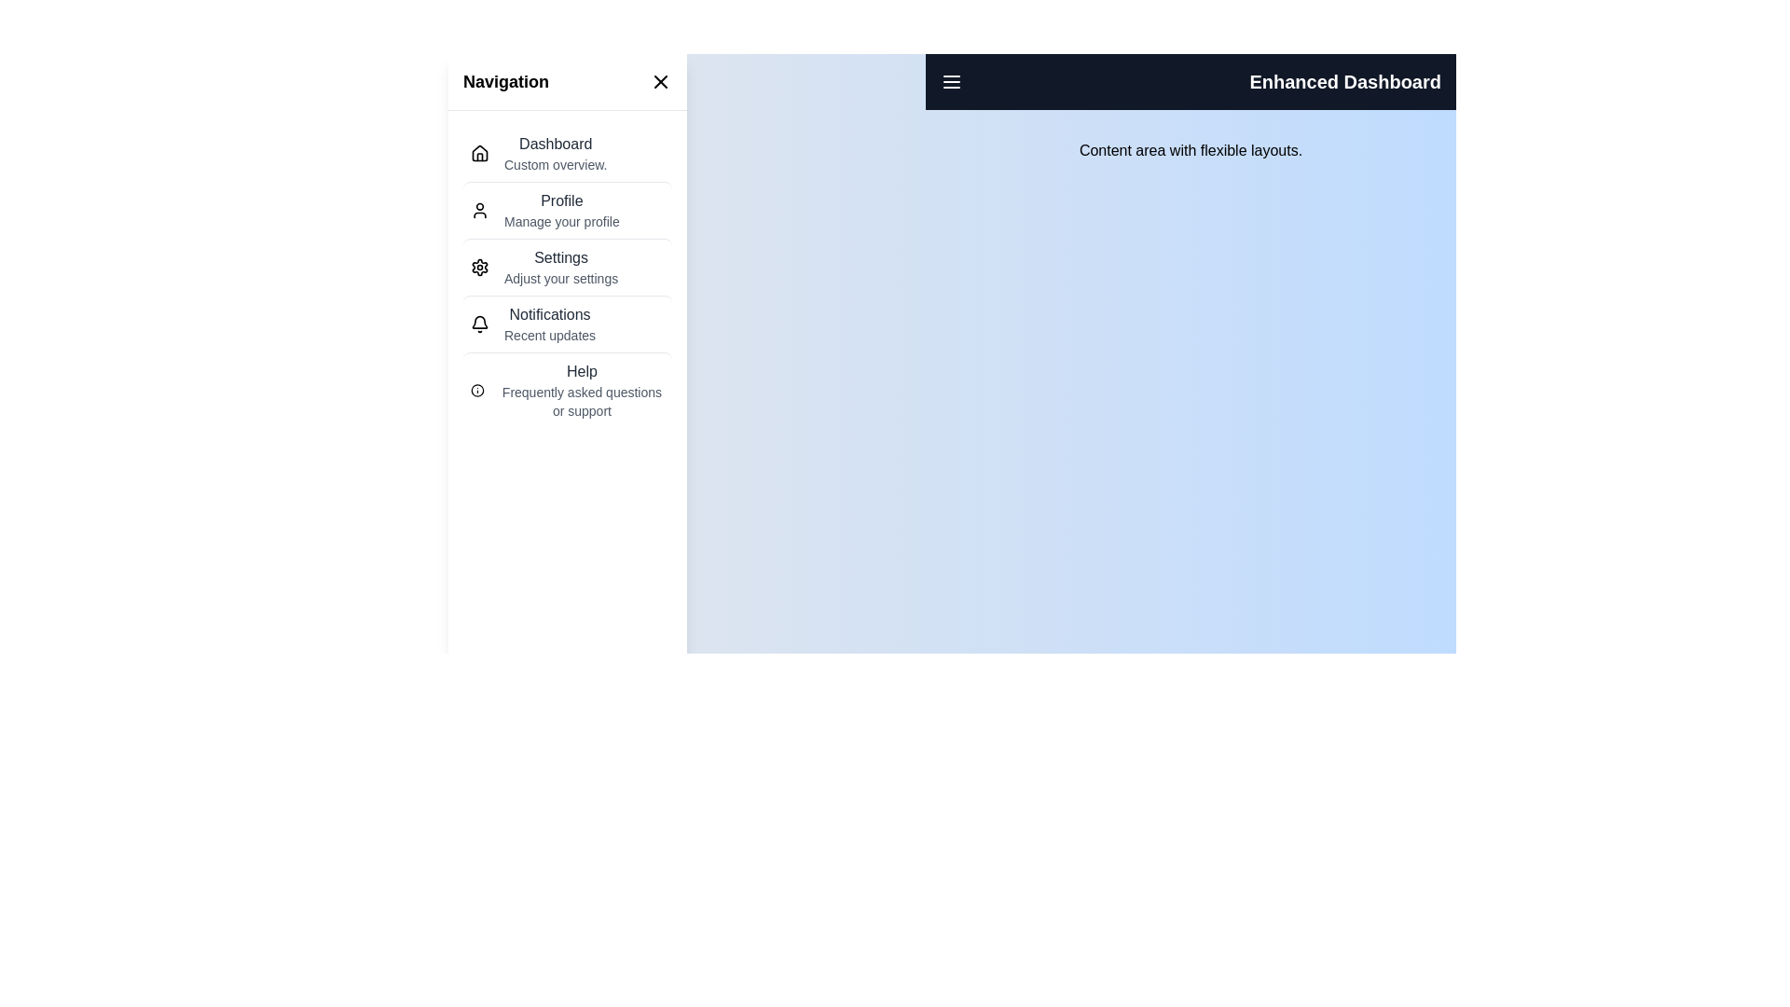 The width and height of the screenshot is (1790, 1007). I want to click on the profile icon located to the left of the 'Profile' label in the navigation menu, so click(479, 210).